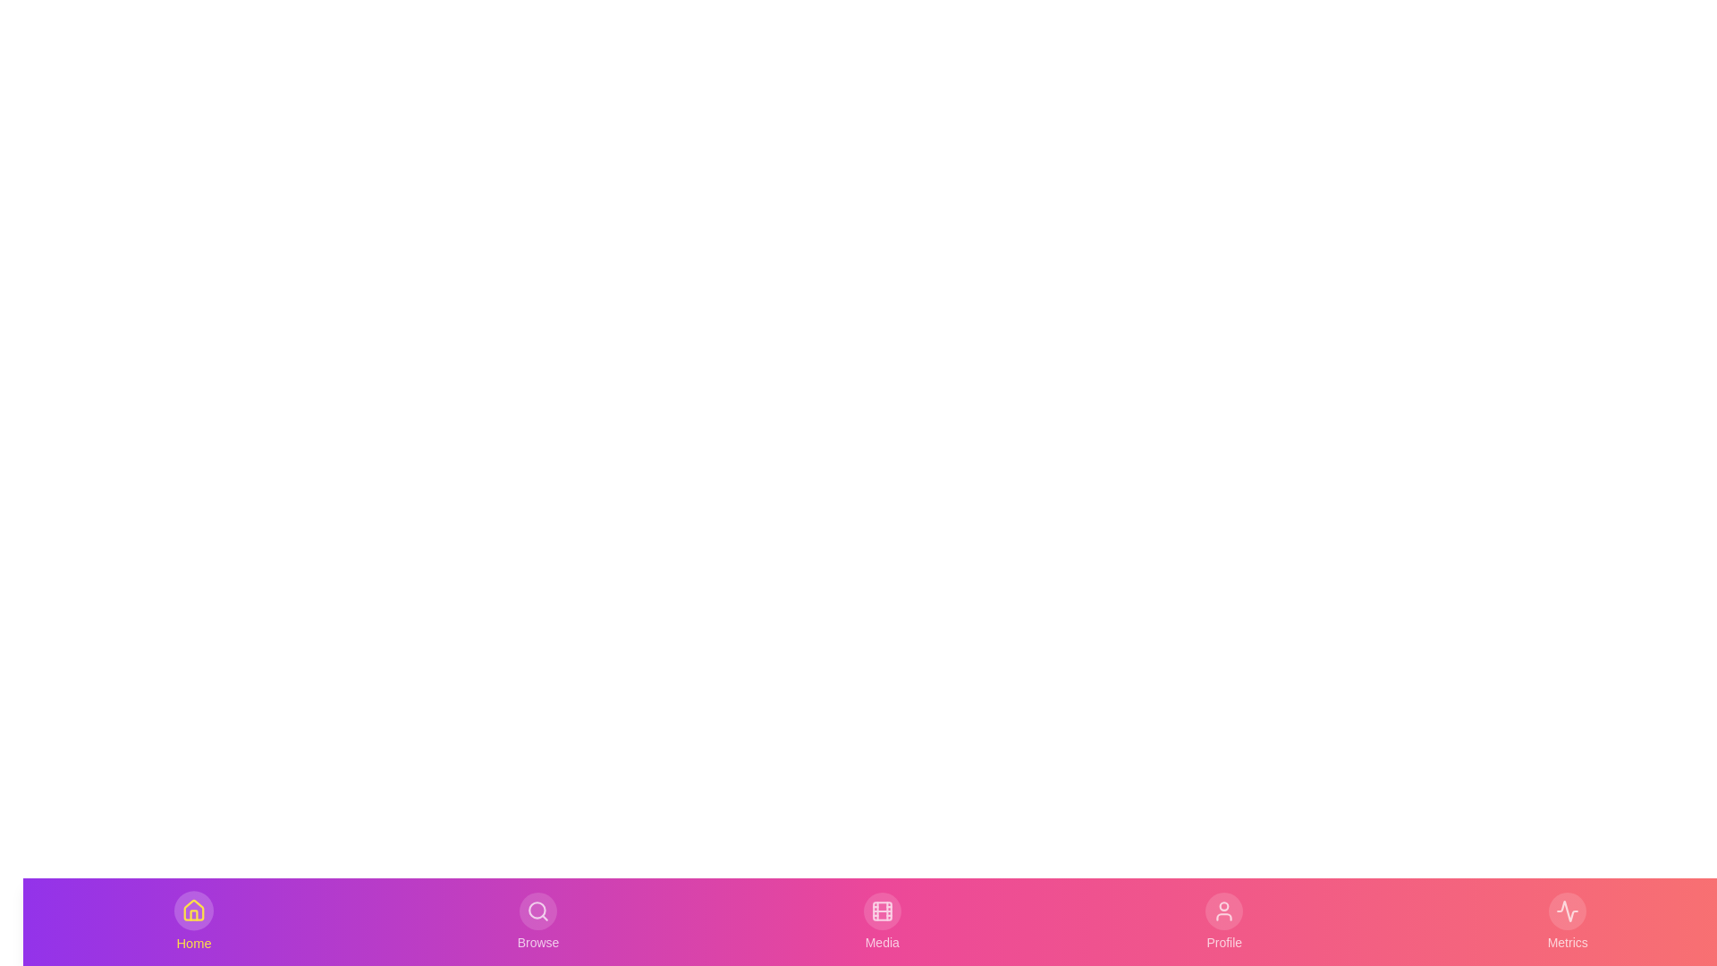 Image resolution: width=1717 pixels, height=966 pixels. I want to click on the Metrics tab to activate it, so click(1566, 921).